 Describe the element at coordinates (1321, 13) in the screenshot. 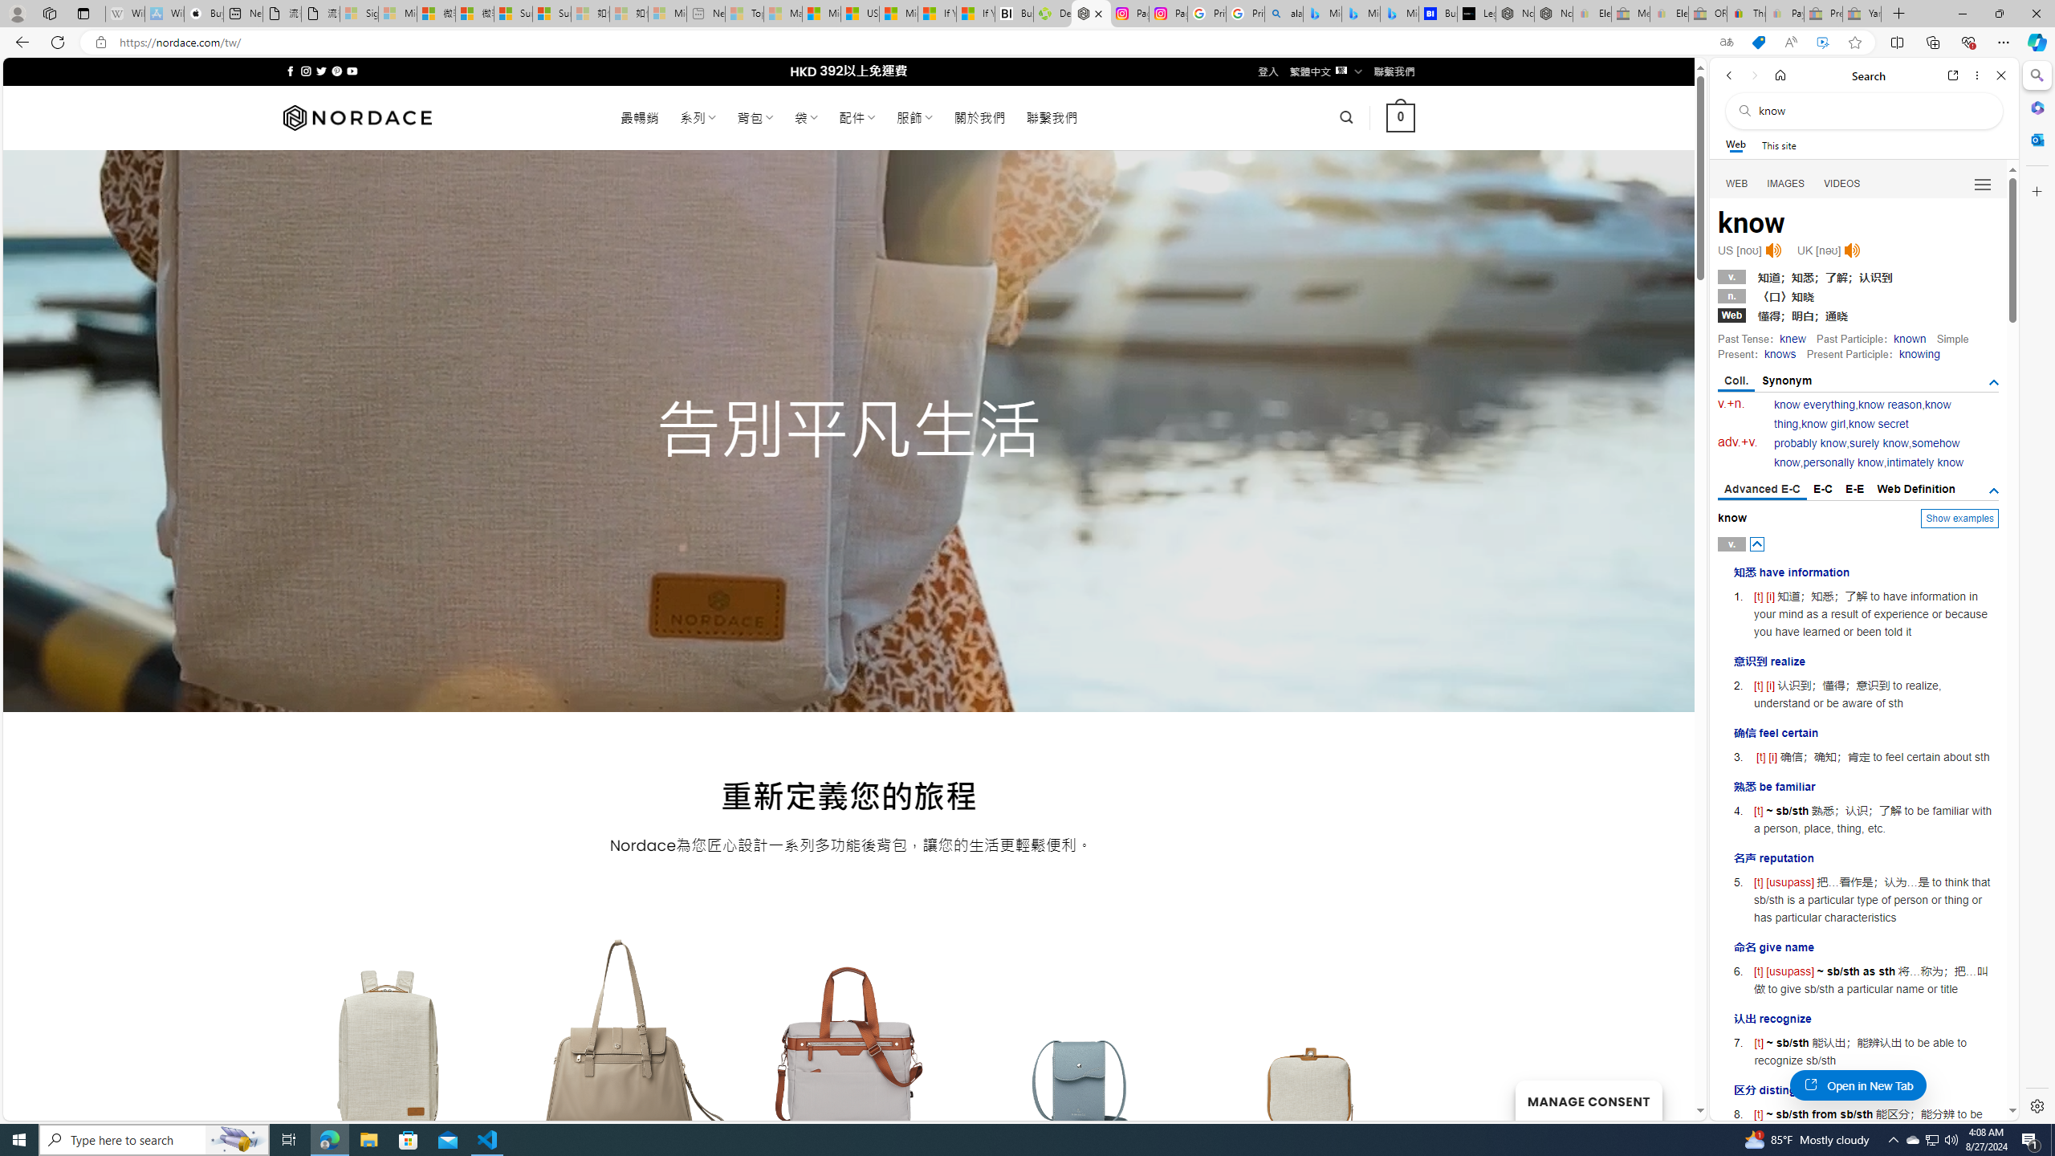

I see `'Microsoft Bing Travel - Flights from Hong Kong to Bangkok'` at that location.